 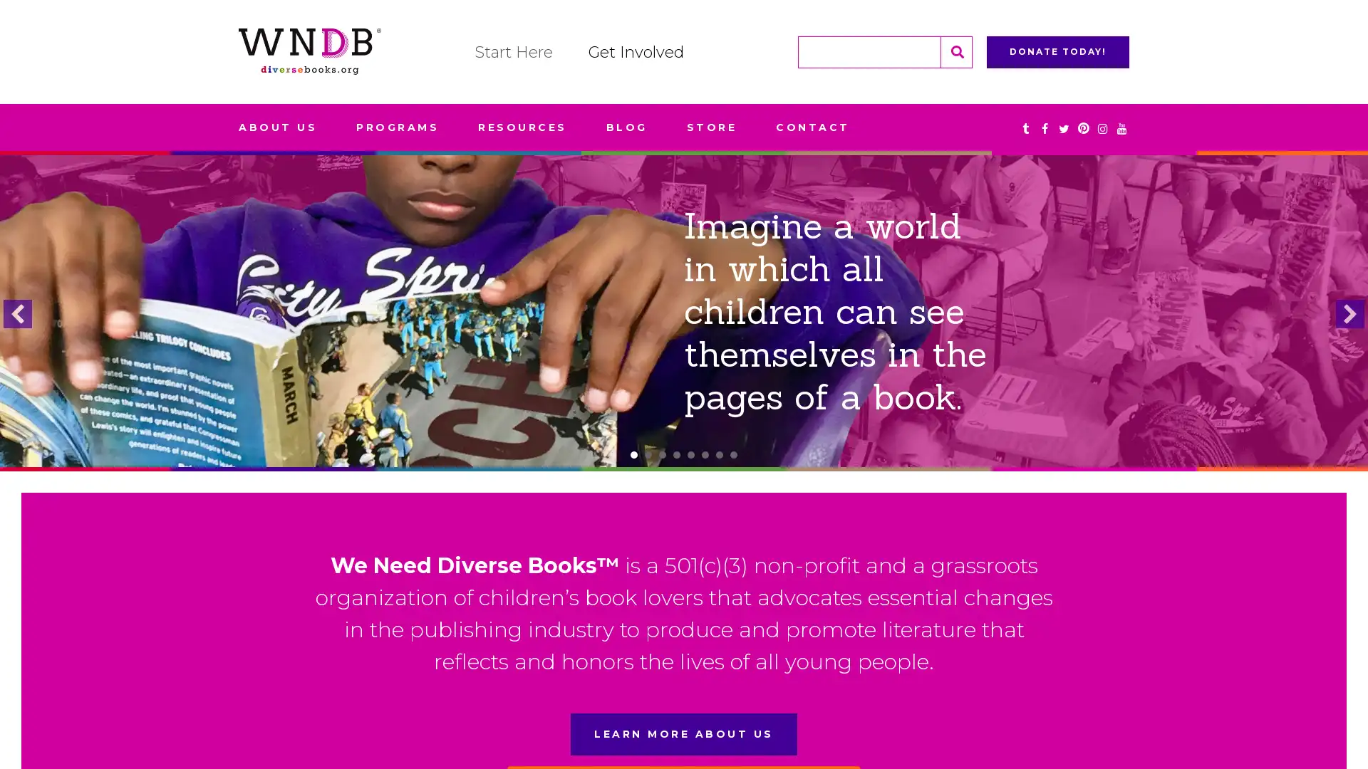 I want to click on next, so click(x=1349, y=313).